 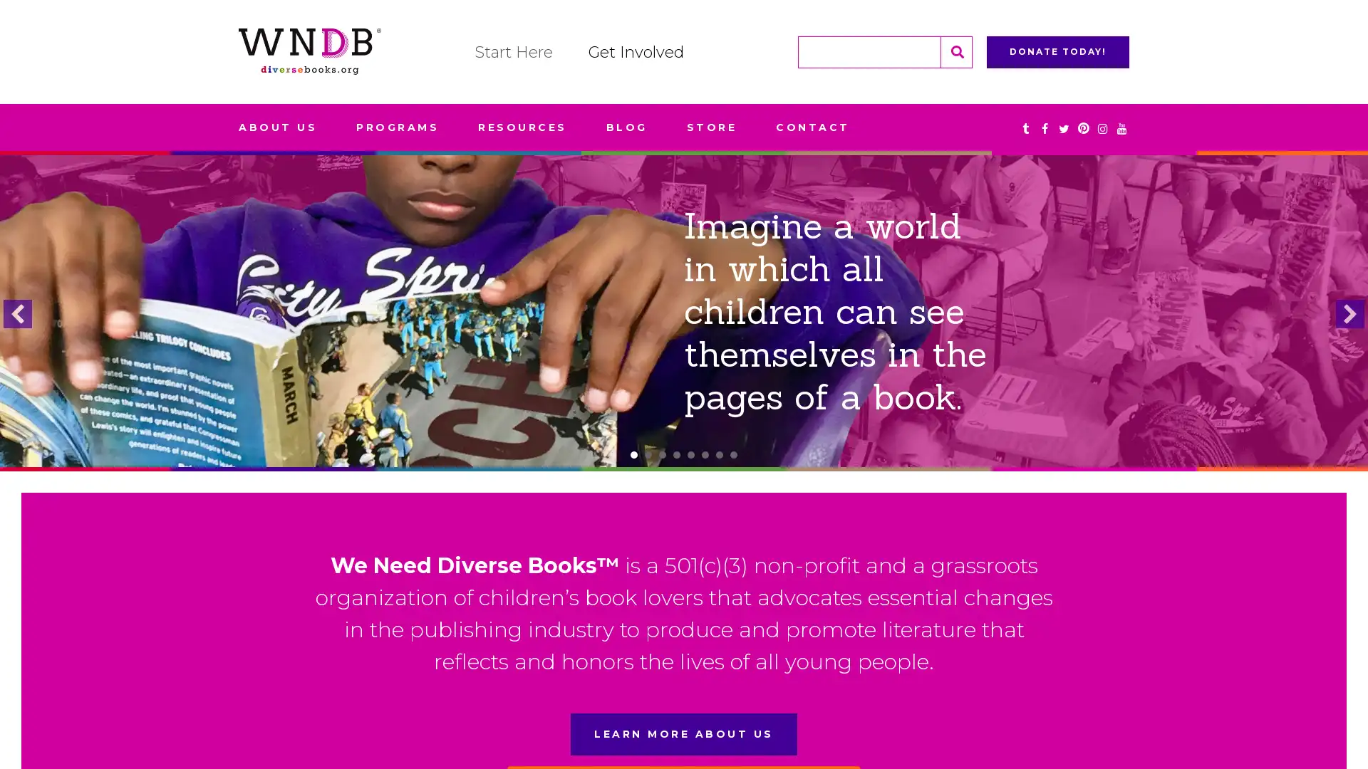 I want to click on next, so click(x=1349, y=313).